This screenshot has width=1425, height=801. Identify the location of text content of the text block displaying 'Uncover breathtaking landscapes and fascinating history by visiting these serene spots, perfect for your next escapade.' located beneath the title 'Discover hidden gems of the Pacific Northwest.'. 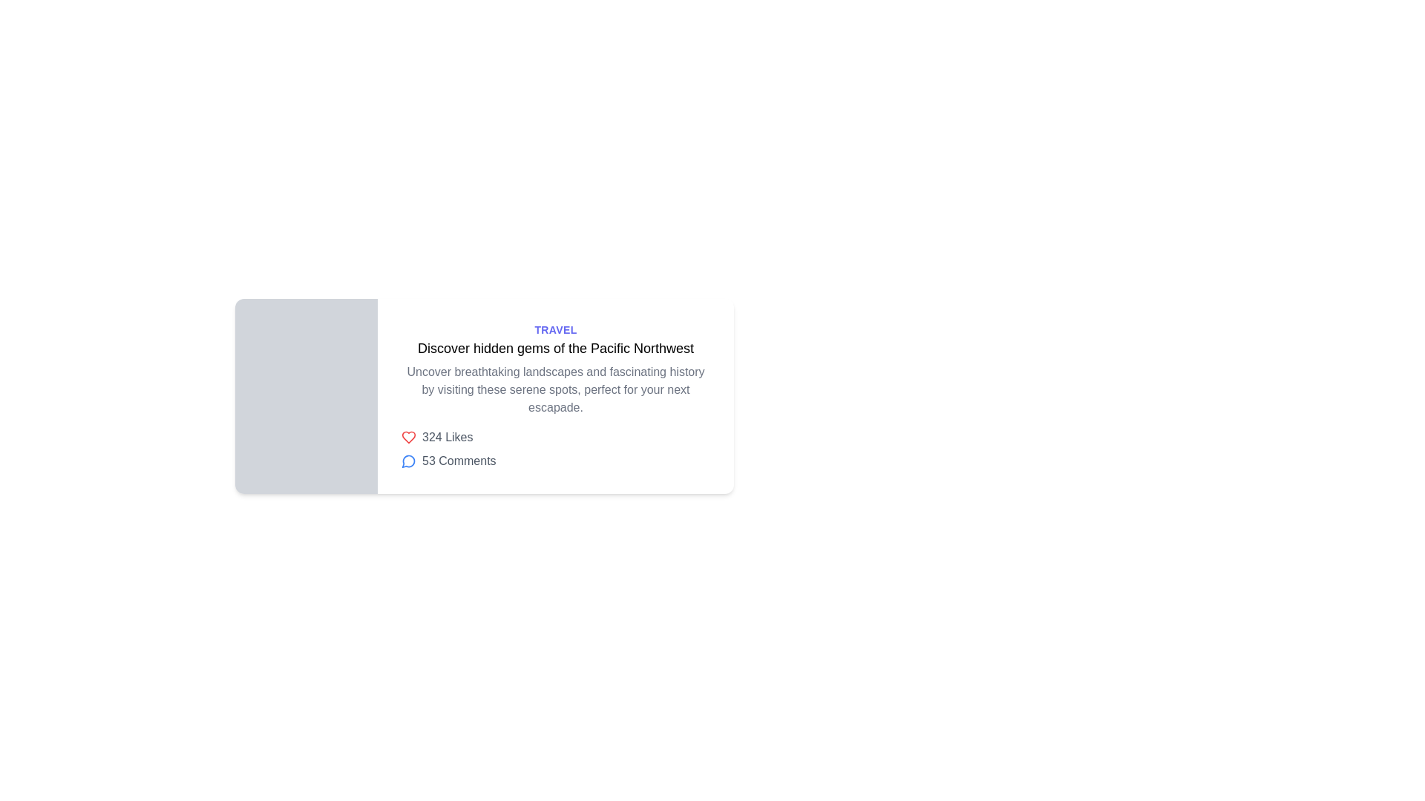
(554, 389).